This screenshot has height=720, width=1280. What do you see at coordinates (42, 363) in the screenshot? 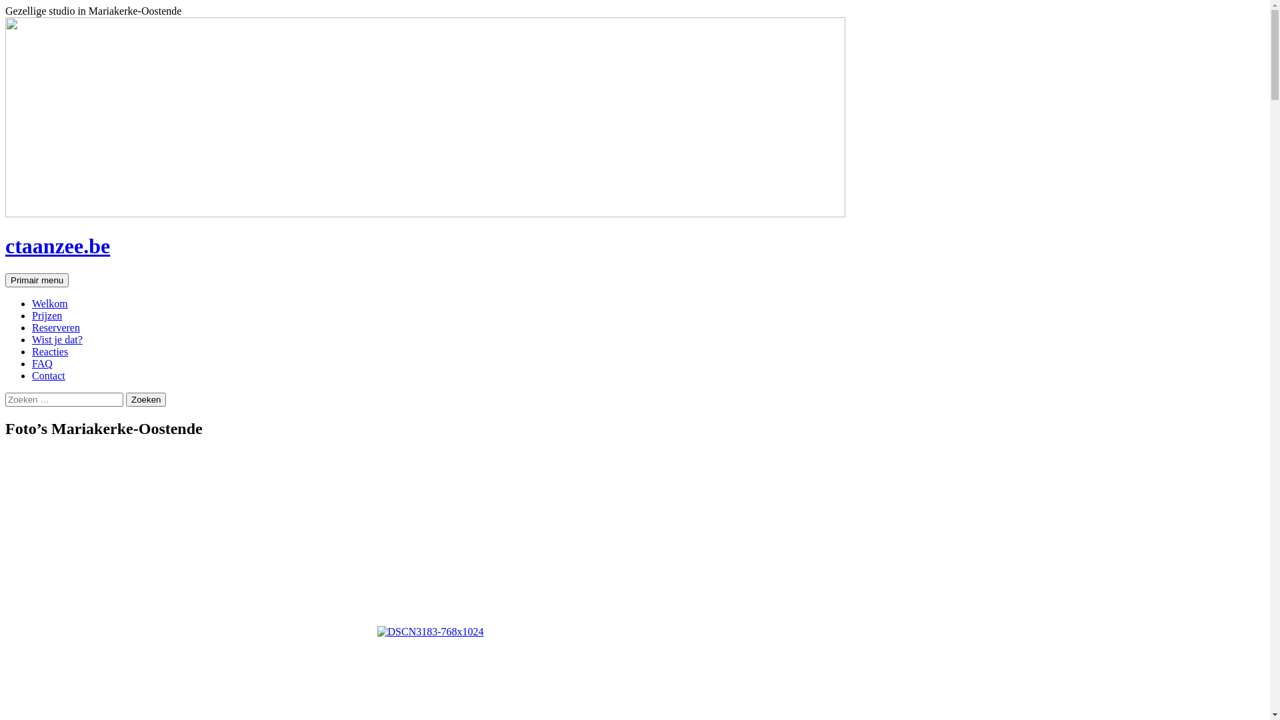
I see `'FAQ'` at bounding box center [42, 363].